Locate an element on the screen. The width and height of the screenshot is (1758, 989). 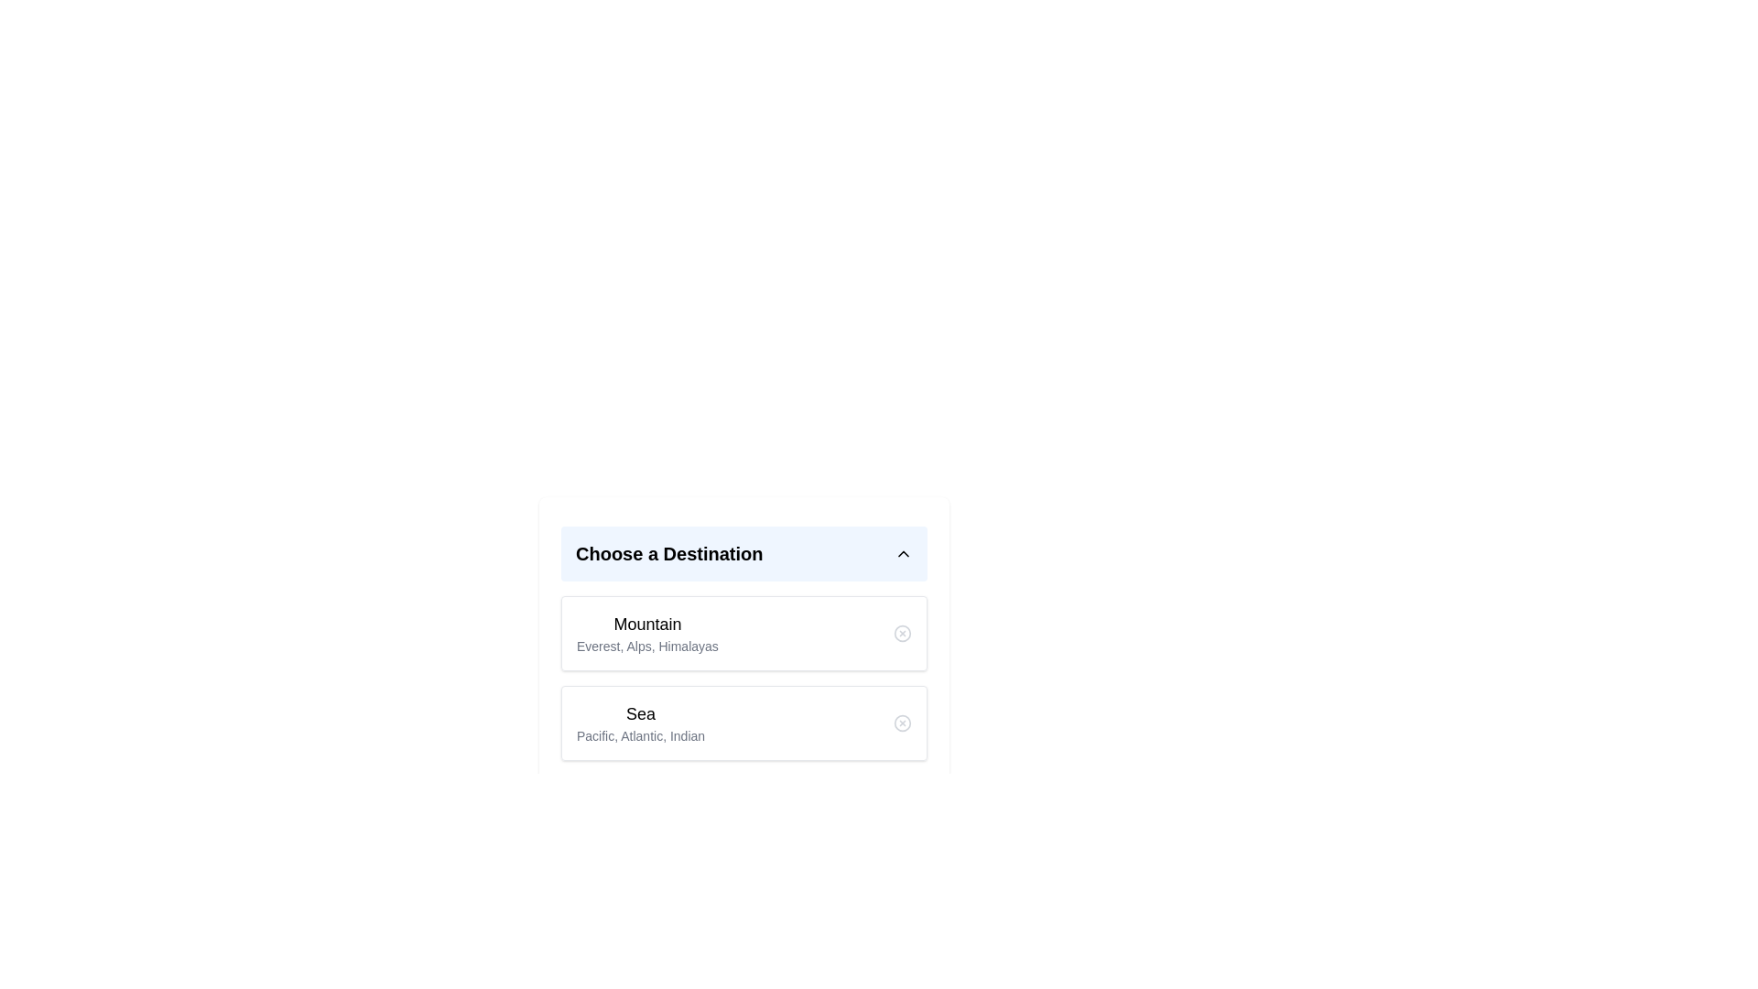
the text label that displays 'Pacific, Atlantic, Indian', positioned below the 'Sea' header in a lighter gray font is located at coordinates (641, 734).